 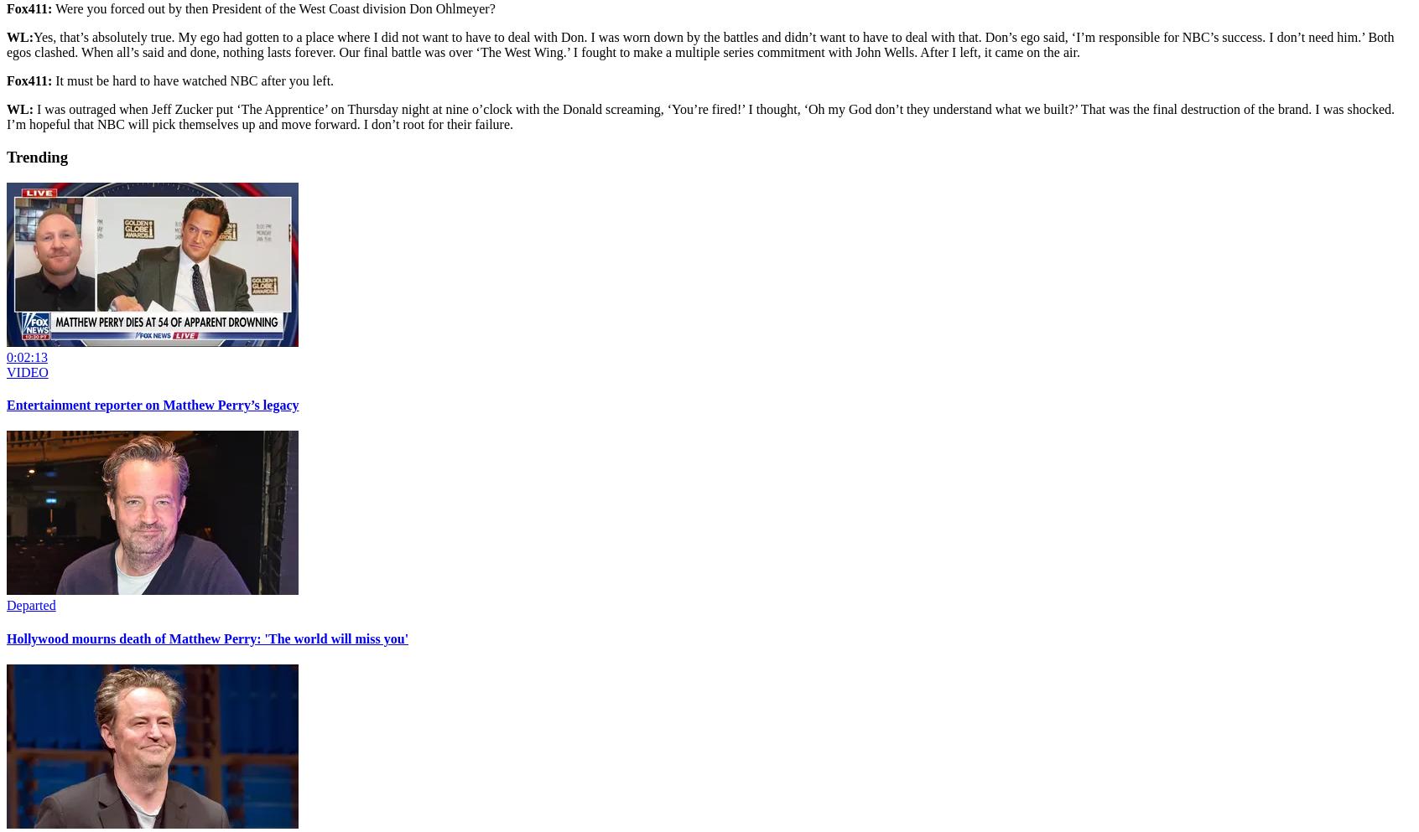 I want to click on 'It must be hard to have watched NBC after you left.', so click(x=194, y=80).